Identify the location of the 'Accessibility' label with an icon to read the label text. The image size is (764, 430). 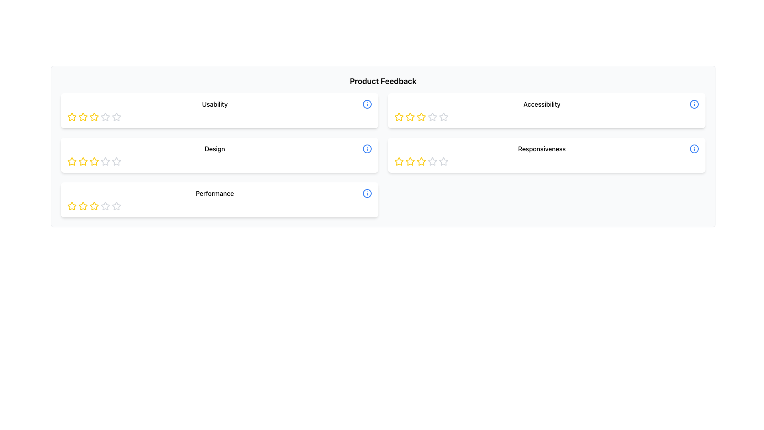
(546, 104).